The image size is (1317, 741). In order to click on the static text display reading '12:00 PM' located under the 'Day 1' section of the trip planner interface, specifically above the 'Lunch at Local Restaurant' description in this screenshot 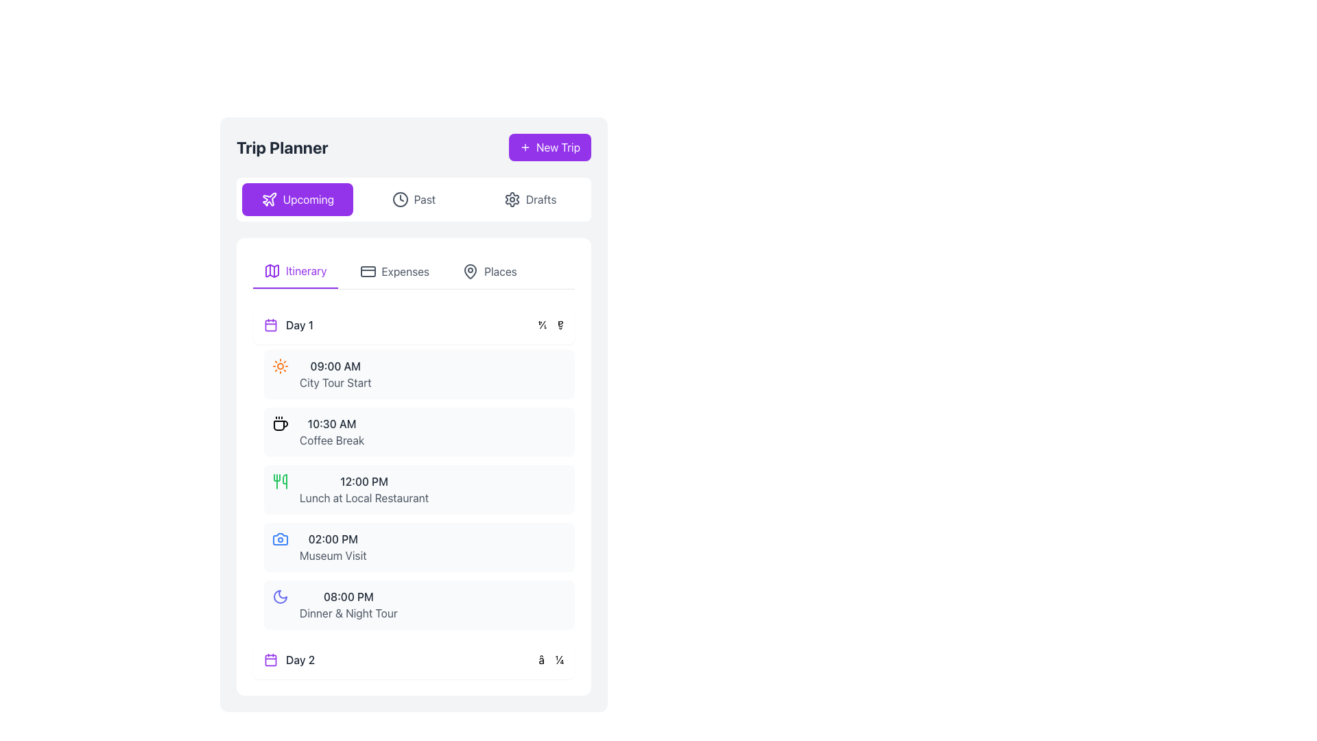, I will do `click(364, 481)`.